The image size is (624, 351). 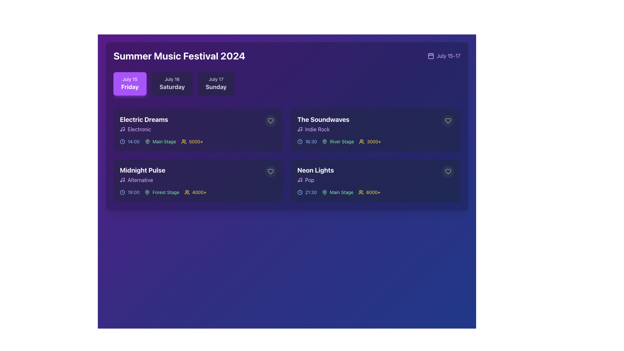 What do you see at coordinates (448, 121) in the screenshot?
I see `the heart icon button in the top-right corner of 'The Soundwaves' performance card` at bounding box center [448, 121].